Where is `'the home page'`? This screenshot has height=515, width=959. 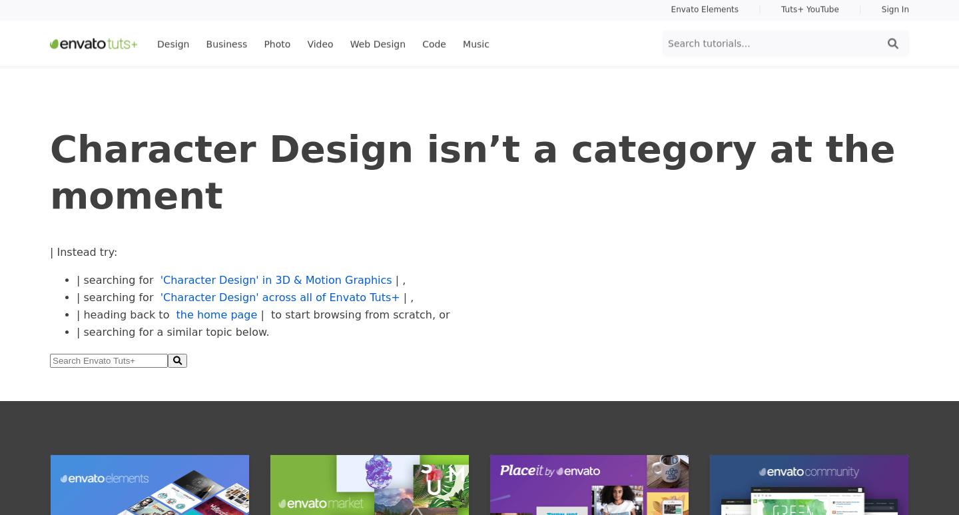
'the home page' is located at coordinates (216, 314).